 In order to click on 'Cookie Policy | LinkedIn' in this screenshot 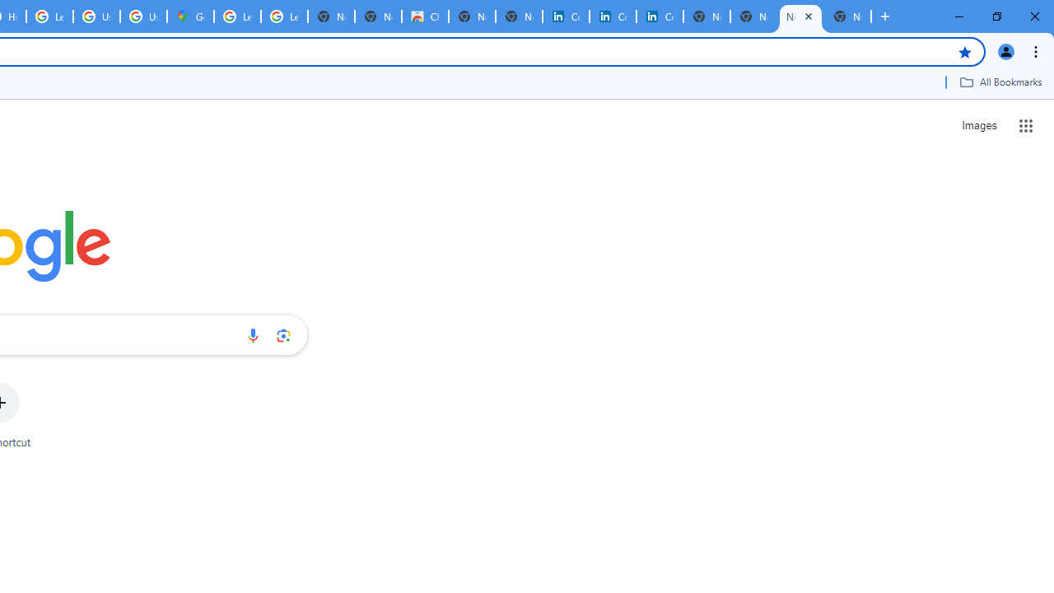, I will do `click(612, 16)`.